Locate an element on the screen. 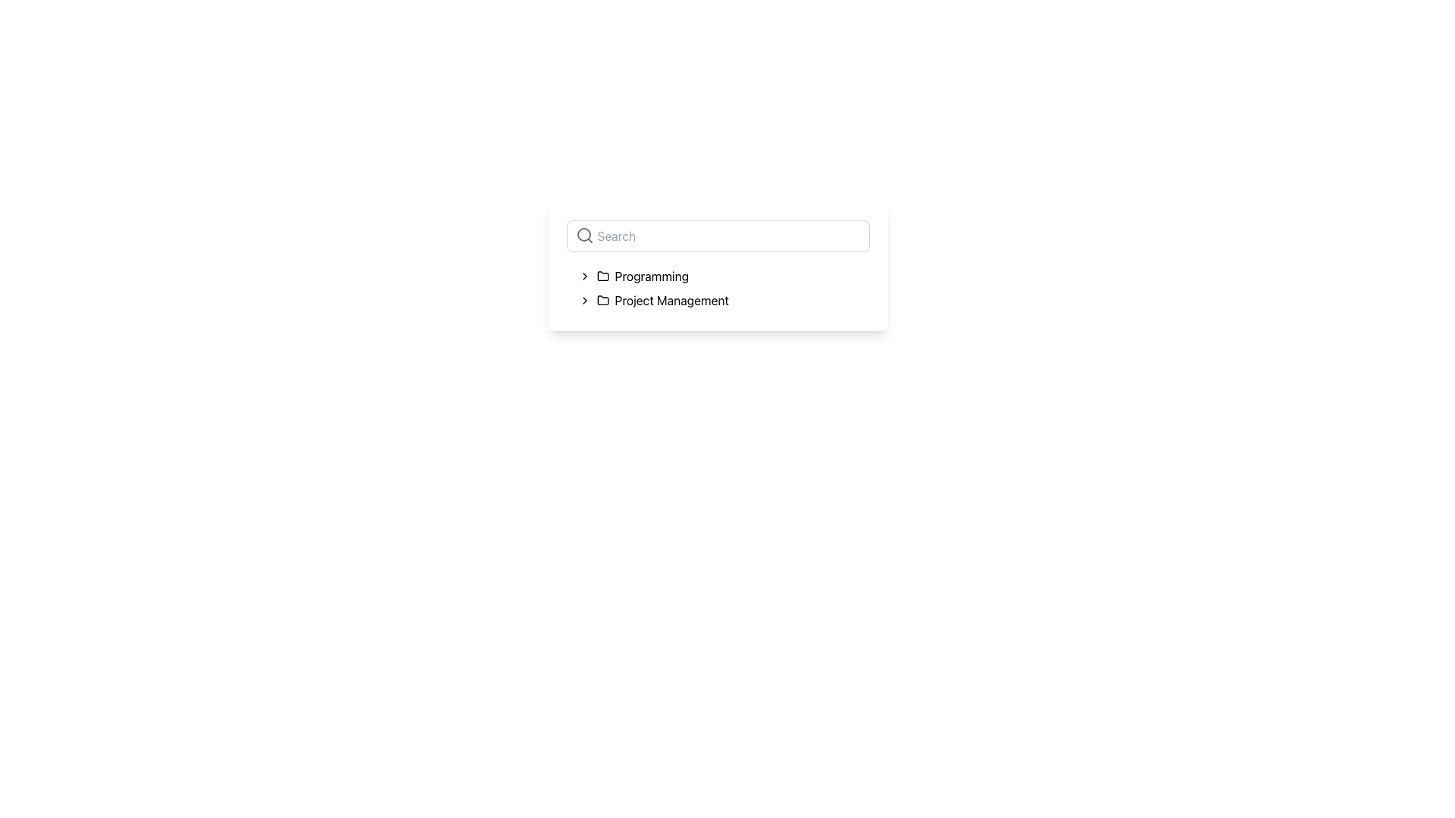 The width and height of the screenshot is (1455, 818). the 'Project Management' text label is located at coordinates (723, 301).